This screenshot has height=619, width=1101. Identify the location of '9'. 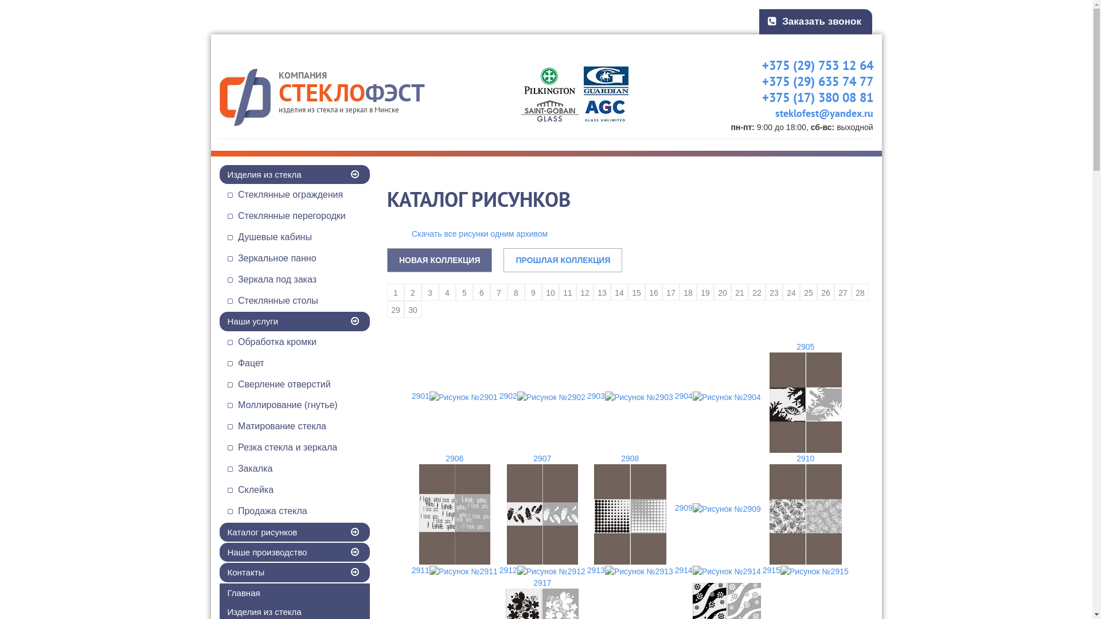
(533, 291).